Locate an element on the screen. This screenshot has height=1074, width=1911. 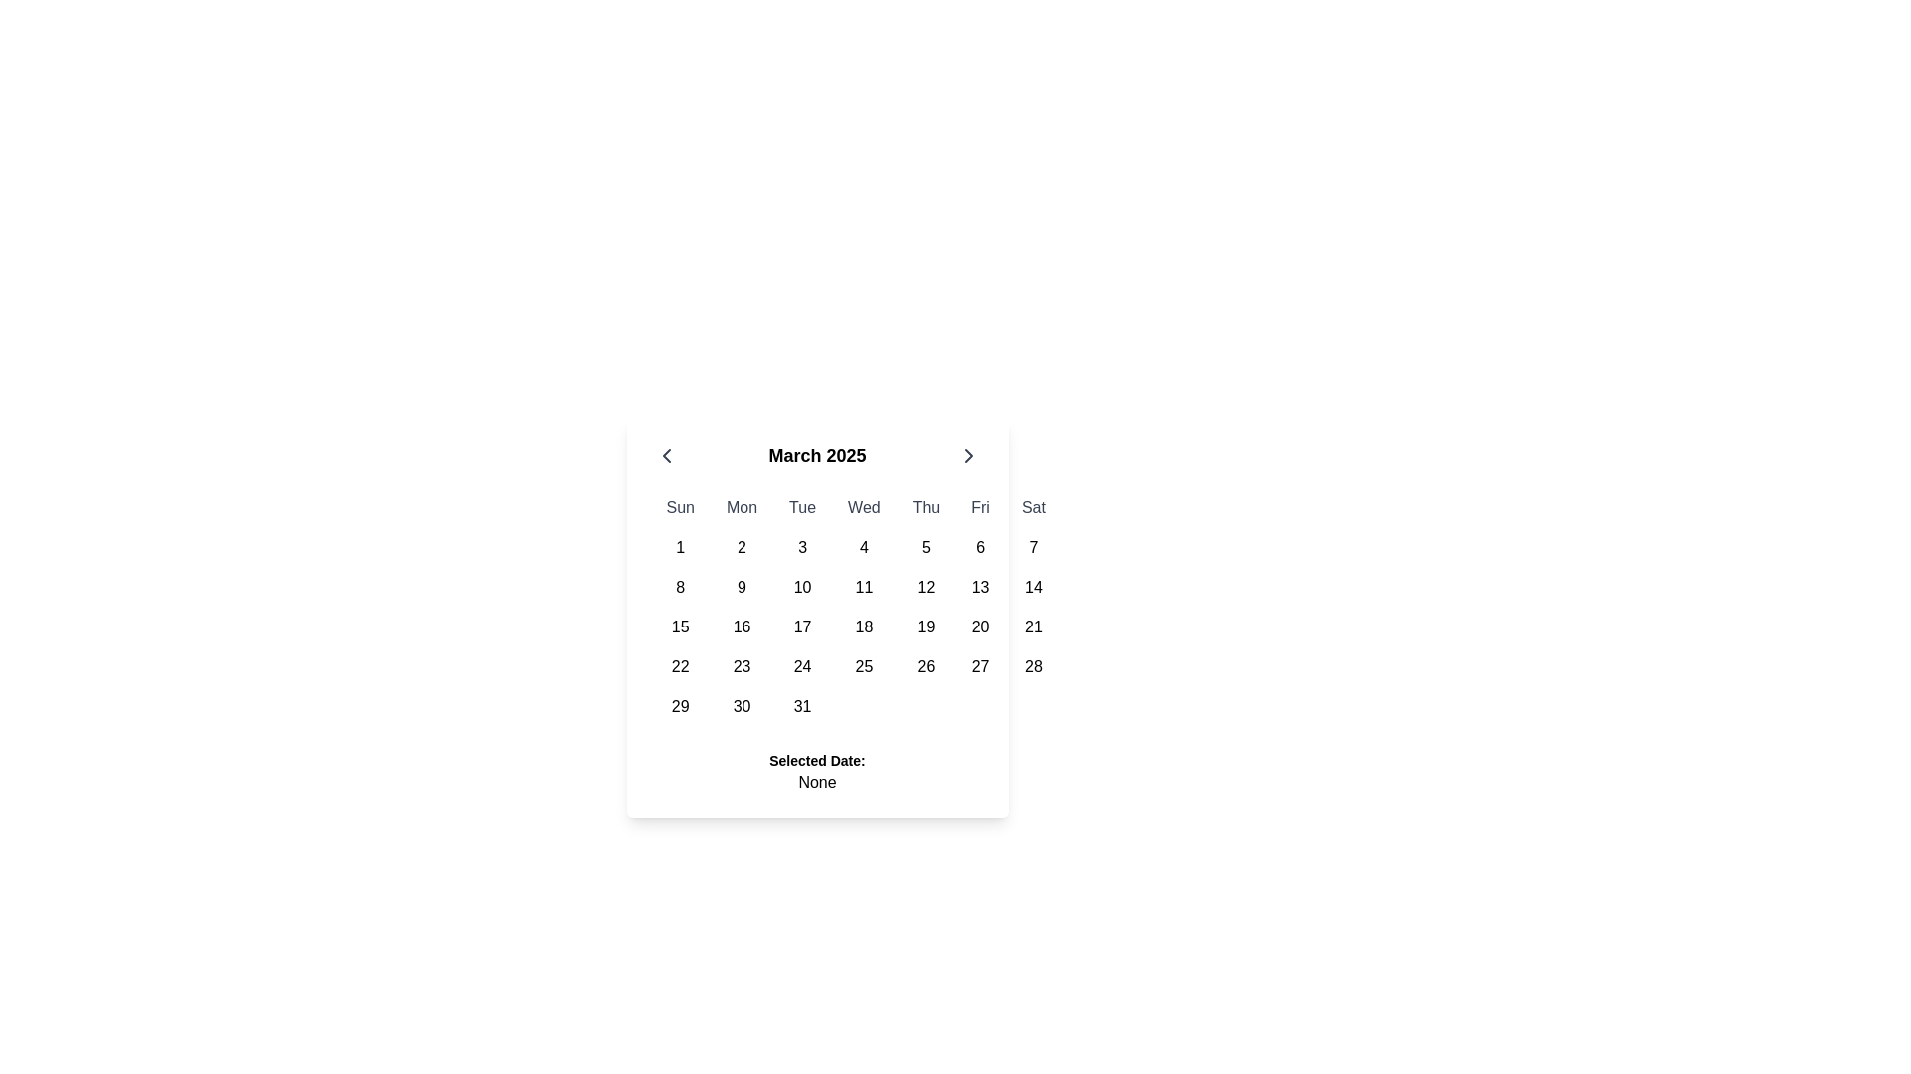
the clickable date item representing the date '26' in the calendar is located at coordinates (925, 667).